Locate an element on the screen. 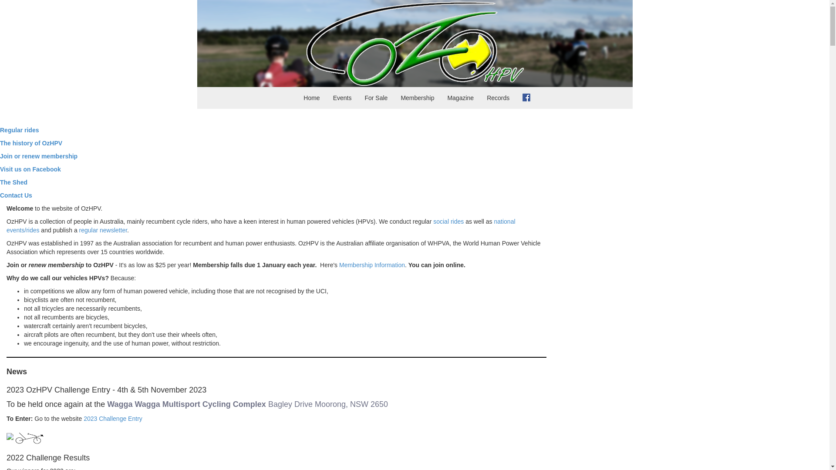  'For Sale' is located at coordinates (376, 97).